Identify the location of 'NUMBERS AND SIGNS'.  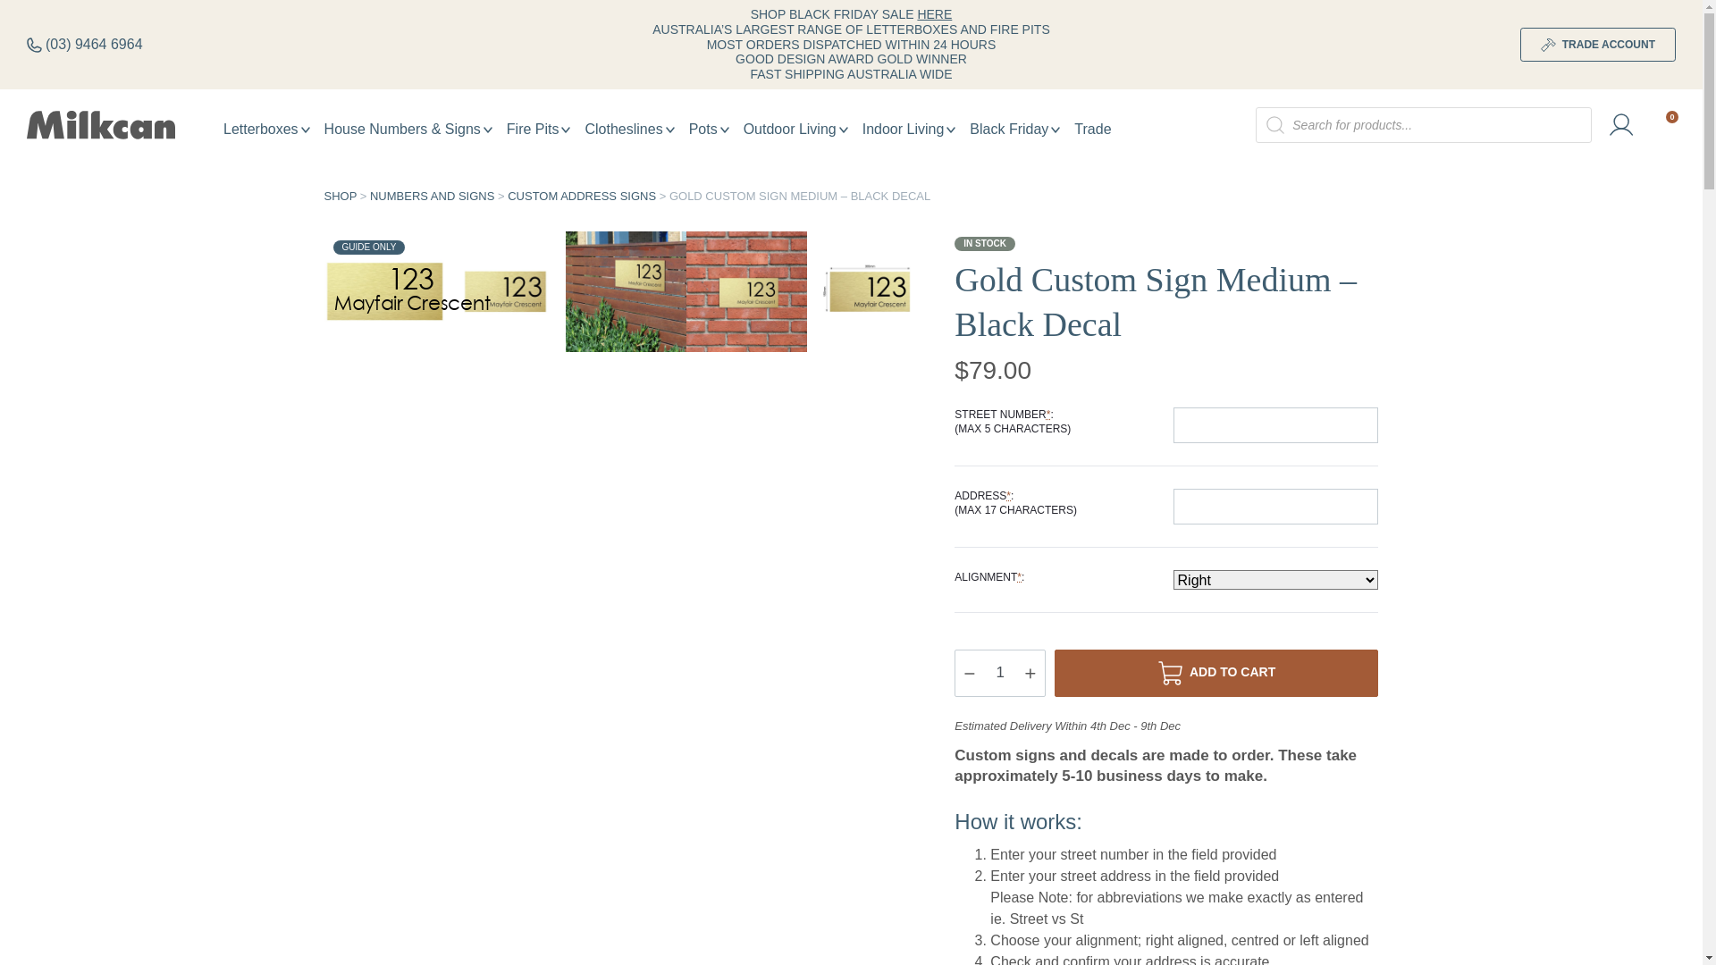
(432, 196).